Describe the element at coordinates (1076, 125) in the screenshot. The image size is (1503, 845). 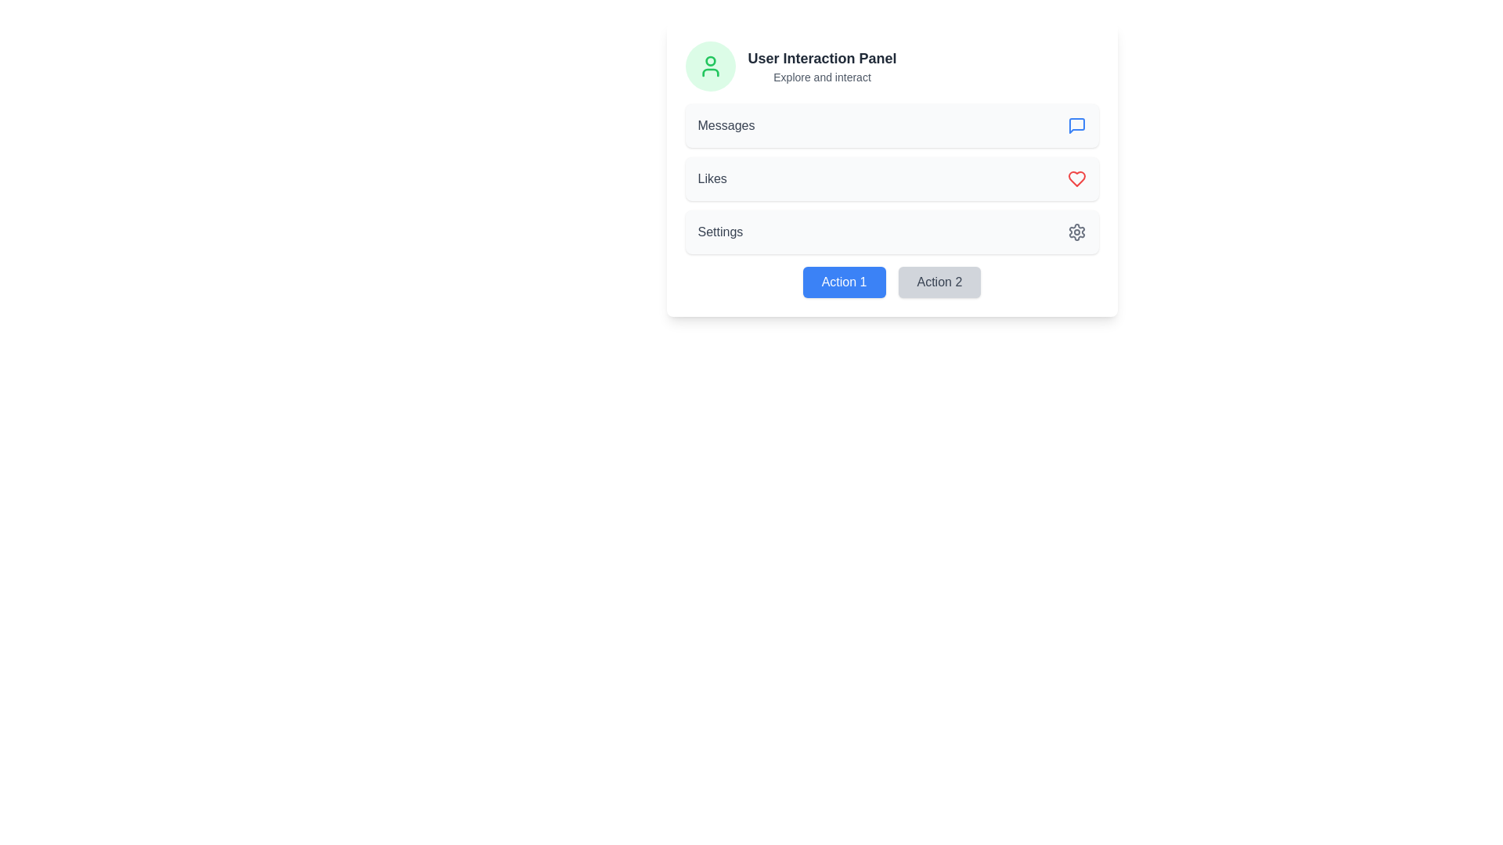
I see `the blue message bubble-shaped icon located on the right side of the 'Messages' panel under the 'User Interaction Panel.'` at that location.